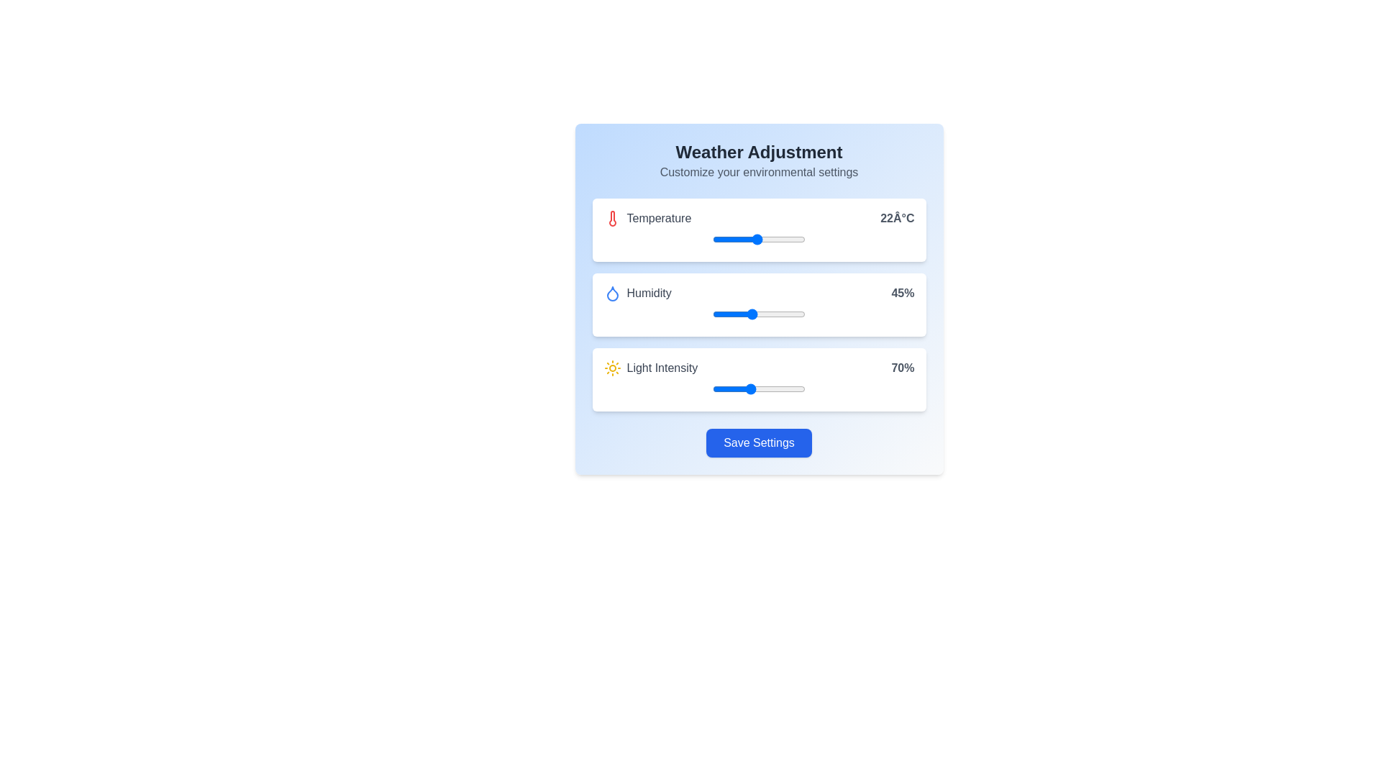 The image size is (1381, 777). What do you see at coordinates (758, 153) in the screenshot?
I see `the bold title text label 'Weather Adjustment' that is centered at the top of the card layout with a light blue background` at bounding box center [758, 153].